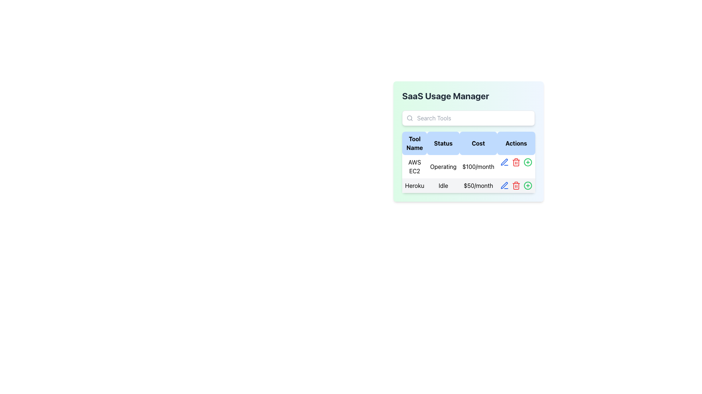  I want to click on the table header row which contains the column titles 'Tool Name', 'Status', 'Cost', and 'Actions', so click(468, 143).